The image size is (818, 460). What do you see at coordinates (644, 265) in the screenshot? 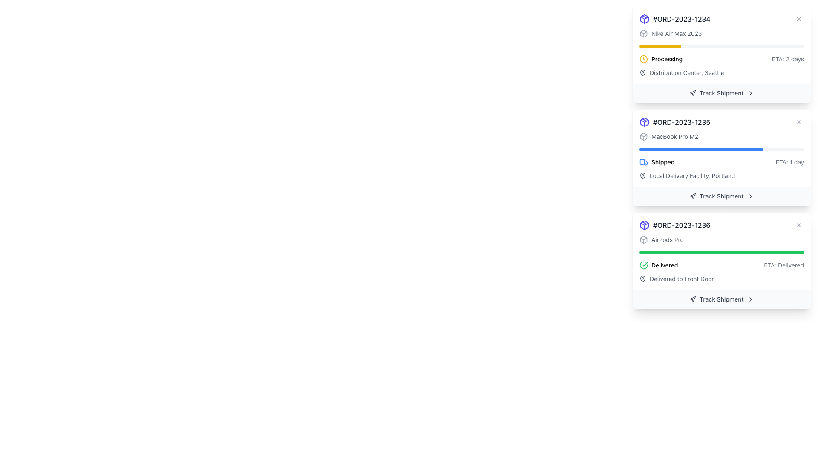
I see `the circular green checkmark icon indicating successful completion, located to the left of the 'Delivered' text in the order summary card` at bounding box center [644, 265].